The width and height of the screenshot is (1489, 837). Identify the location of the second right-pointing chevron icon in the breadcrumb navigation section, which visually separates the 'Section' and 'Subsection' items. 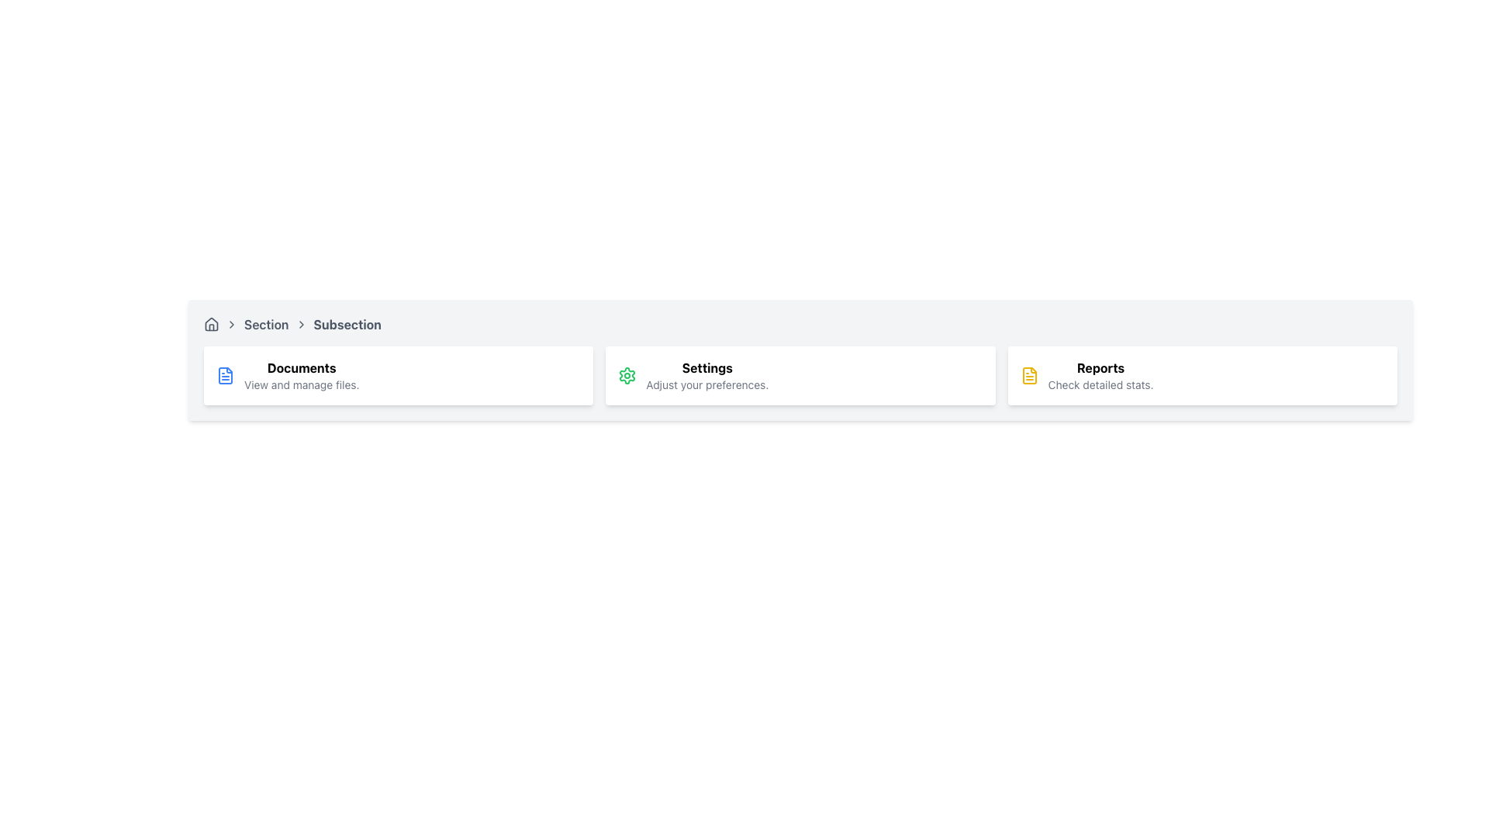
(301, 324).